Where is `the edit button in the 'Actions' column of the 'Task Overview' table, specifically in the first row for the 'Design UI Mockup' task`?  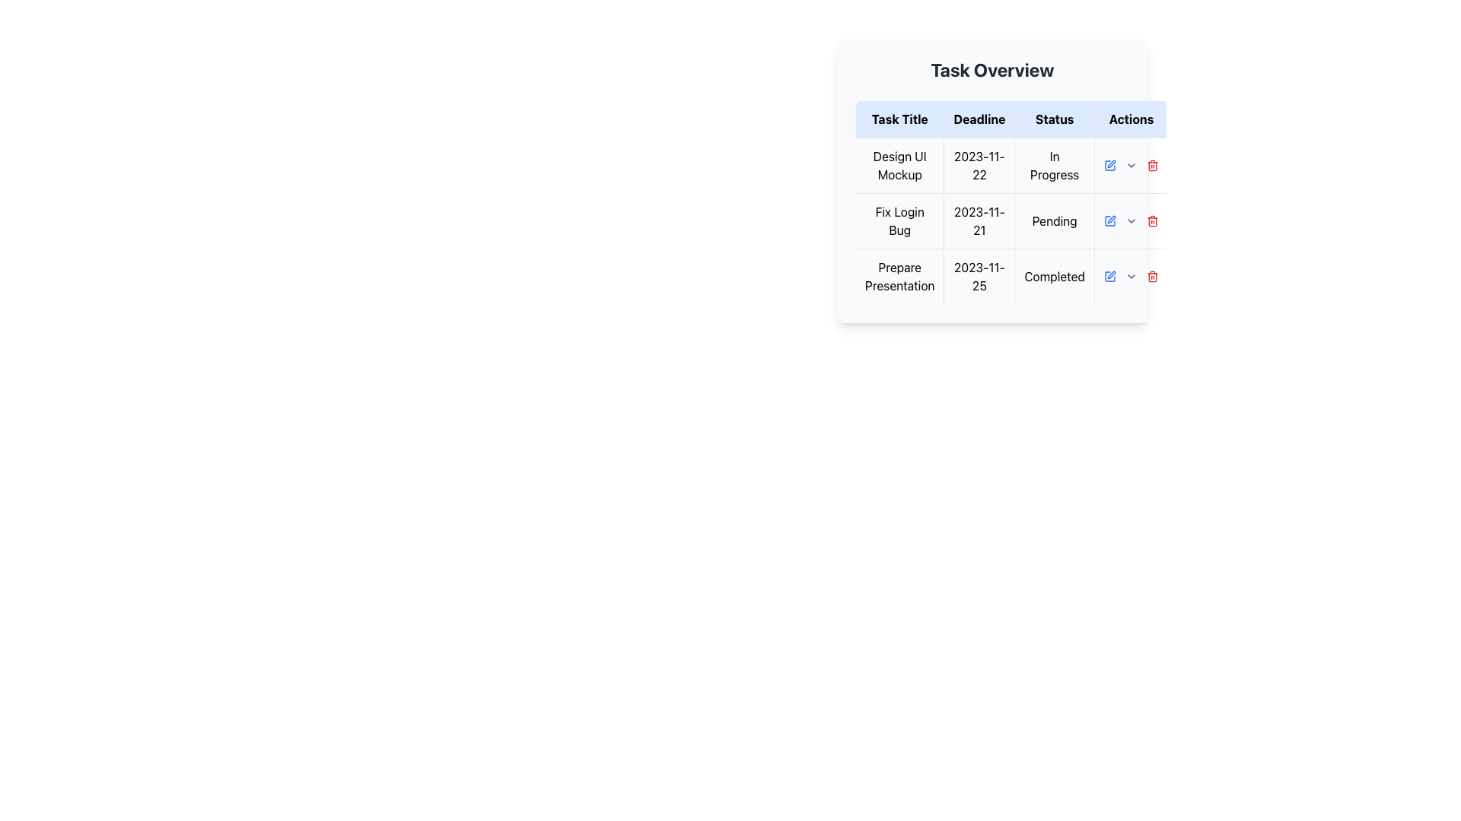 the edit button in the 'Actions' column of the 'Task Overview' table, specifically in the first row for the 'Design UI Mockup' task is located at coordinates (1110, 166).